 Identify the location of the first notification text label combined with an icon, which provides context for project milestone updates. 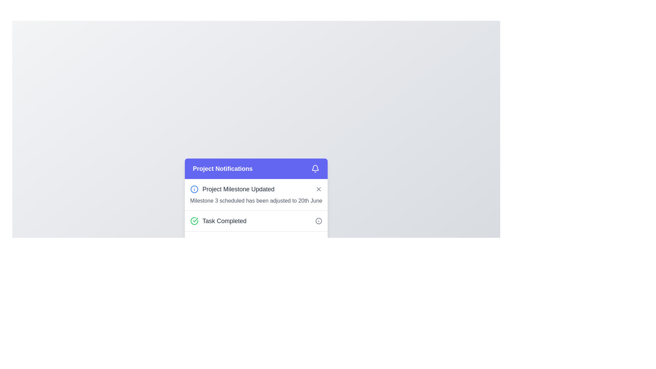
(232, 189).